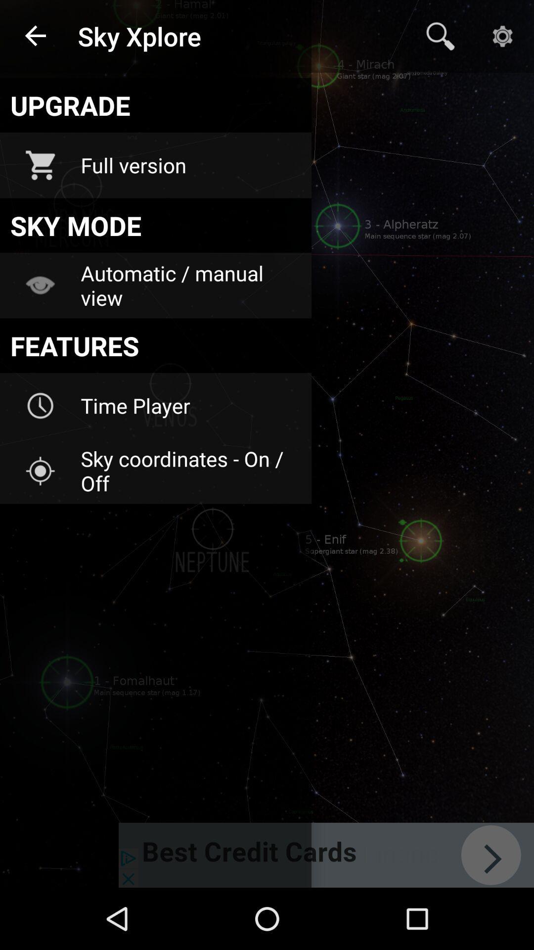  What do you see at coordinates (326, 855) in the screenshot?
I see `open advertisement` at bounding box center [326, 855].